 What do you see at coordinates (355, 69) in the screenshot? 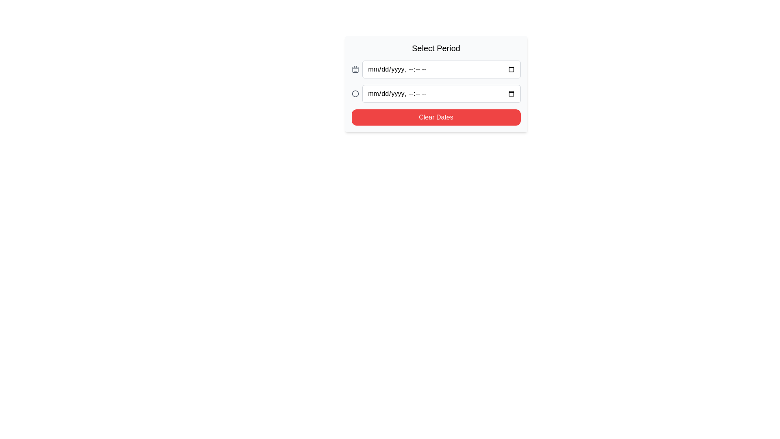
I see `the date picker icon located to the immediate left of the first date input field in the 'Select Period' section` at bounding box center [355, 69].